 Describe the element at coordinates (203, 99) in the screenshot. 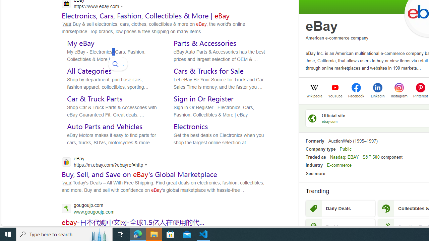

I see `'Sign in Or Register'` at that location.